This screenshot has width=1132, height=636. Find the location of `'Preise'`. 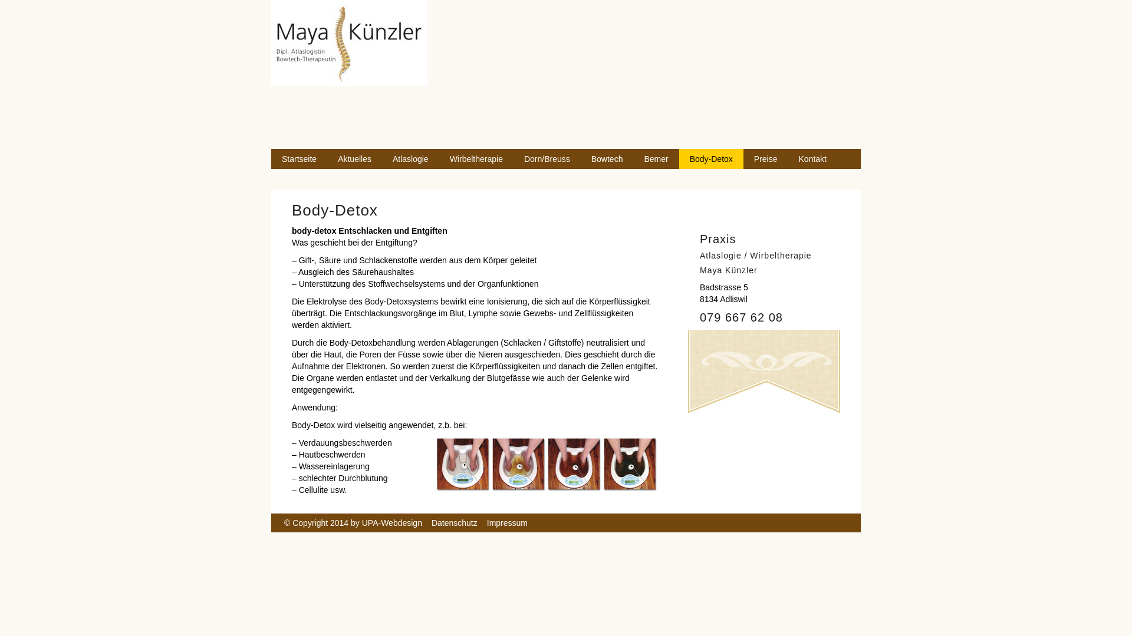

'Preise' is located at coordinates (766, 159).